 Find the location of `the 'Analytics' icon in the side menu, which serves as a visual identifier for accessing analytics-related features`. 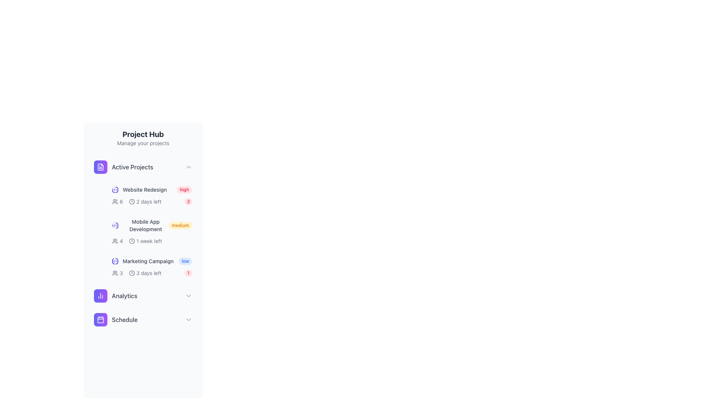

the 'Analytics' icon in the side menu, which serves as a visual identifier for accessing analytics-related features is located at coordinates (100, 295).